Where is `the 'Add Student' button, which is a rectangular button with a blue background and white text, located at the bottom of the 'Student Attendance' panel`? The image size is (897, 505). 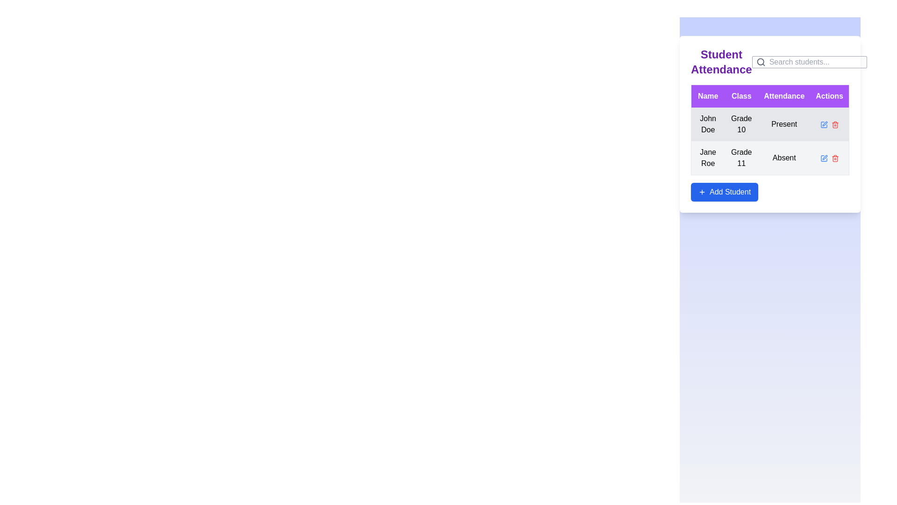 the 'Add Student' button, which is a rectangular button with a blue background and white text, located at the bottom of the 'Student Attendance' panel is located at coordinates (724, 192).